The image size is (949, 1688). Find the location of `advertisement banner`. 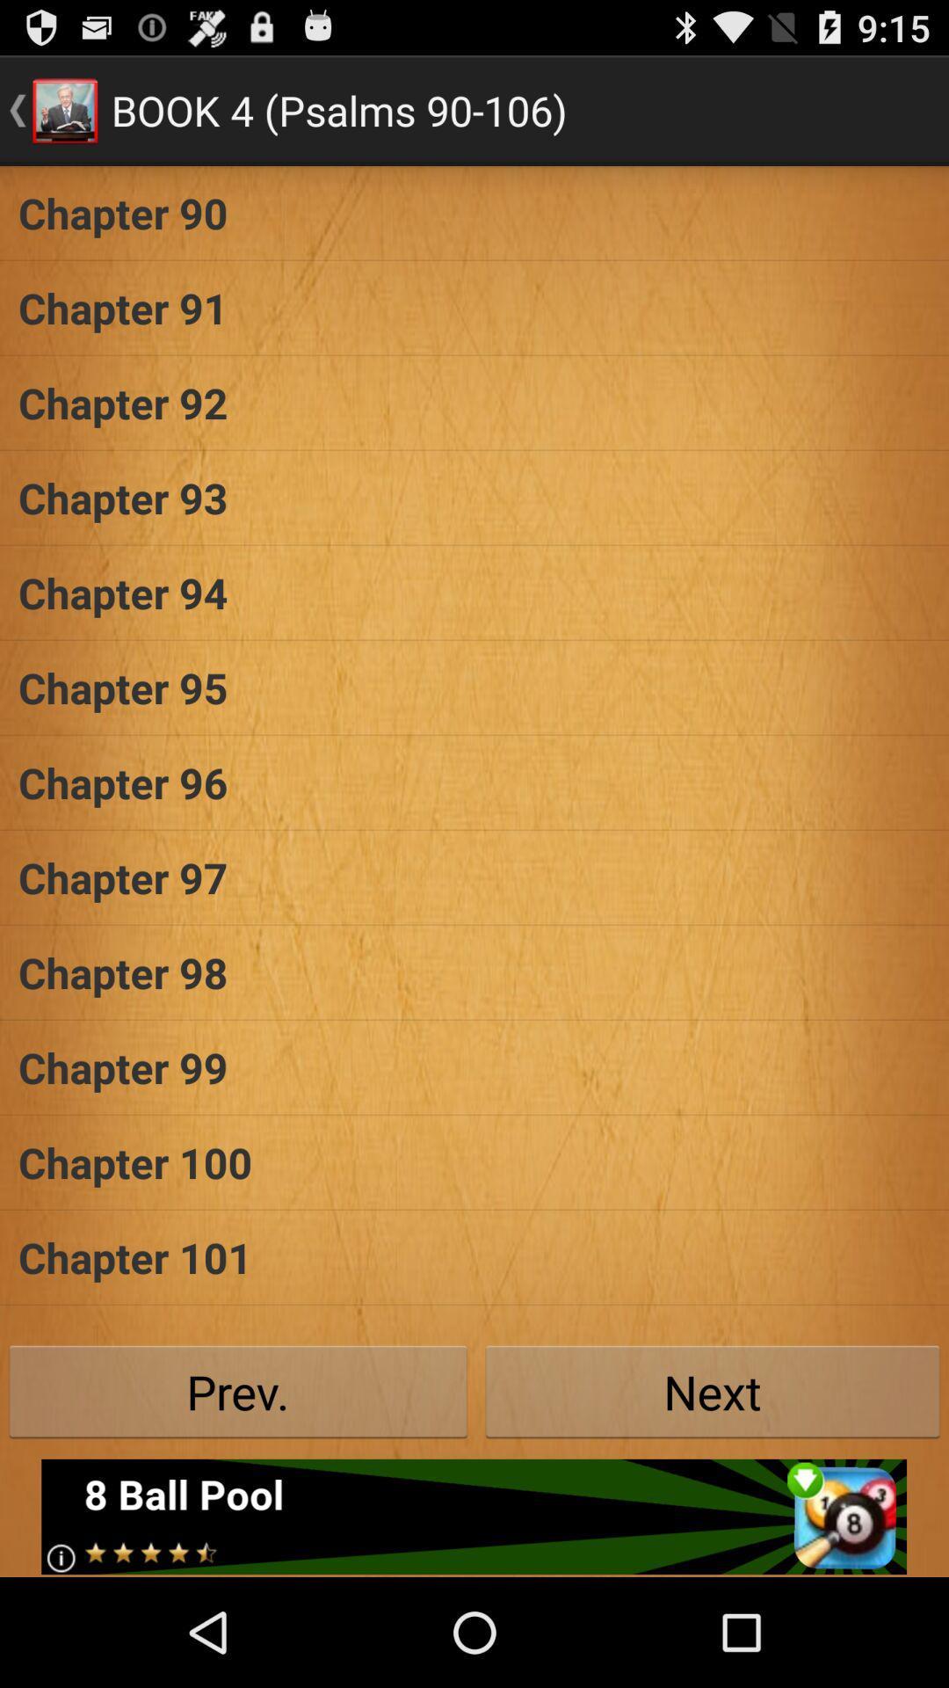

advertisement banner is located at coordinates (473, 1516).